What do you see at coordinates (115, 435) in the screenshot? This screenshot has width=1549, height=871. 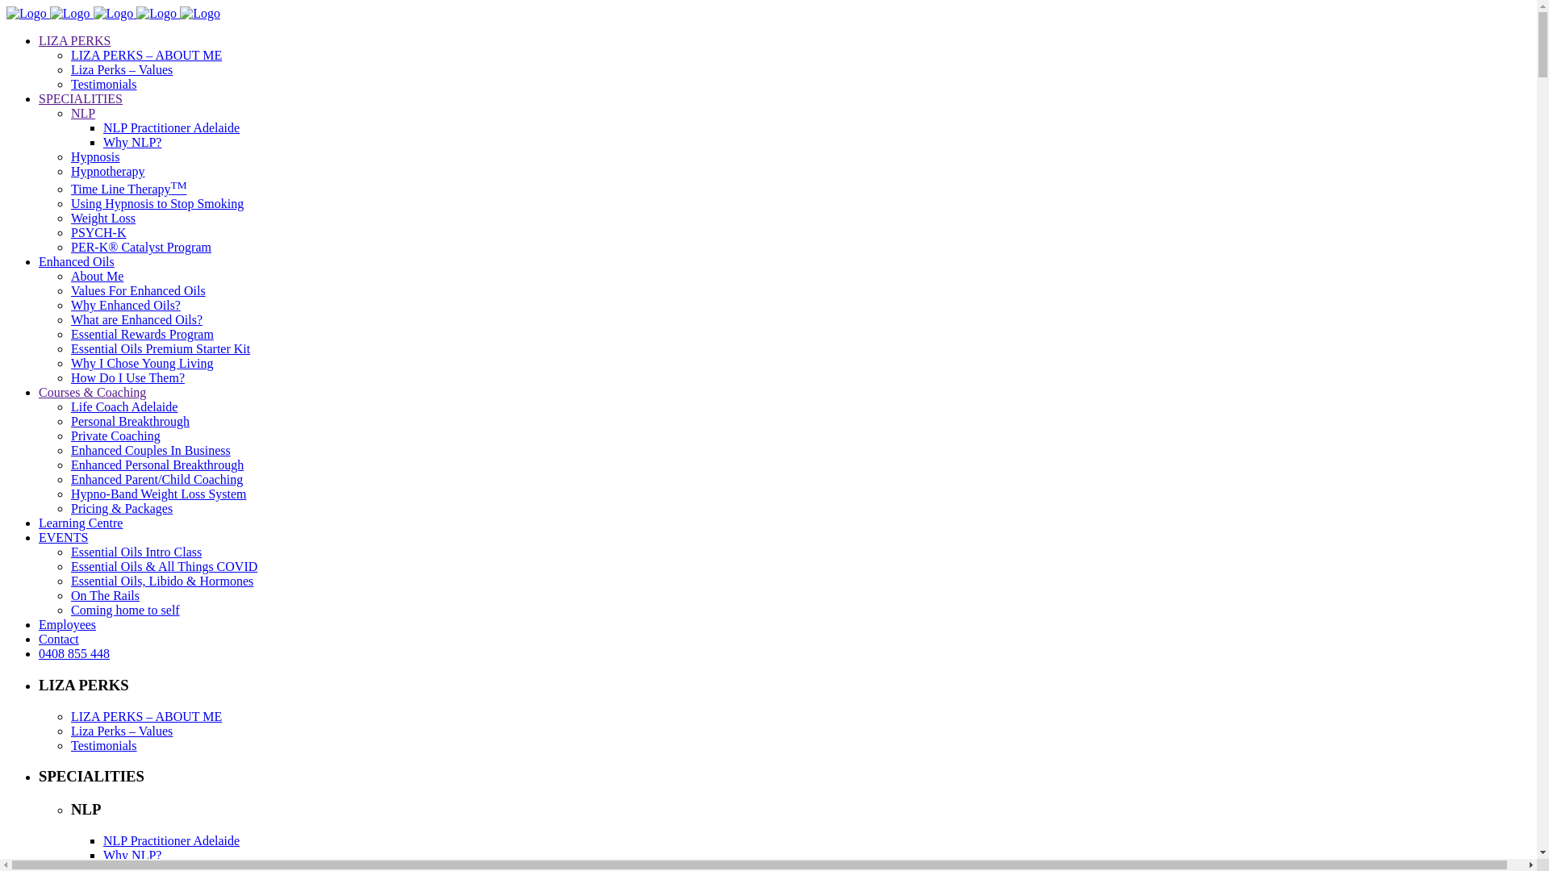 I see `'Private Coaching'` at bounding box center [115, 435].